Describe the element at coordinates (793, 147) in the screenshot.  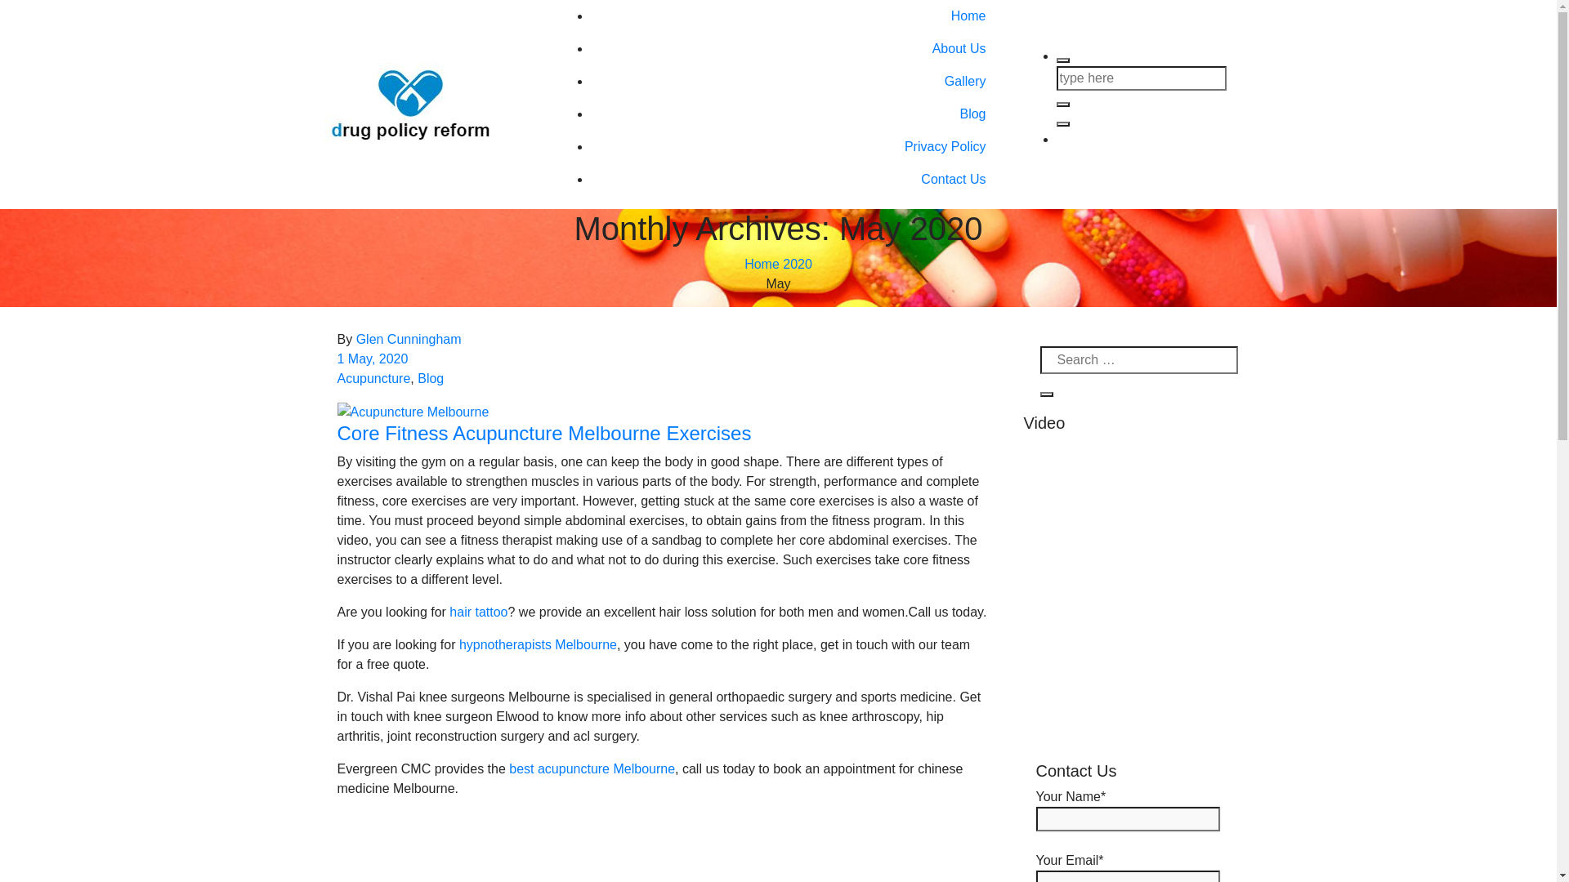
I see `'Privacy Policy'` at that location.